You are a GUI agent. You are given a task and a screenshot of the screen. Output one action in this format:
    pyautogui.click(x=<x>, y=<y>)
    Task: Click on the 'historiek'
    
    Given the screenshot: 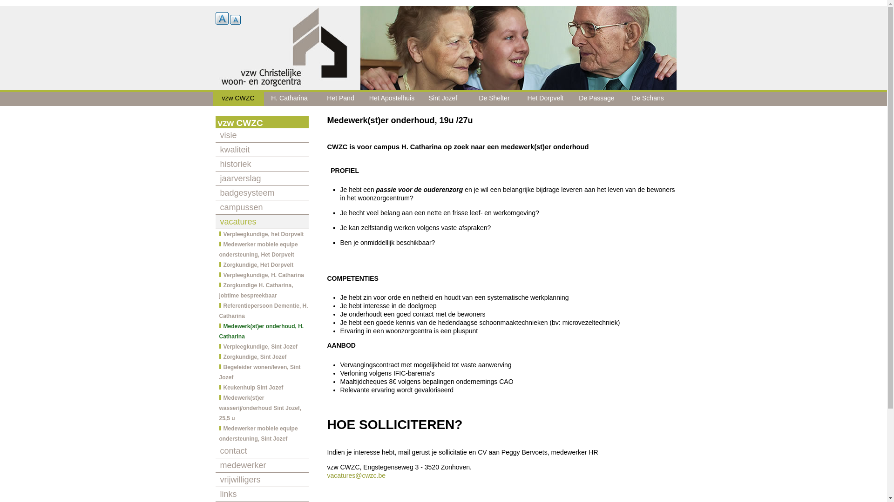 What is the action you would take?
    pyautogui.click(x=261, y=164)
    